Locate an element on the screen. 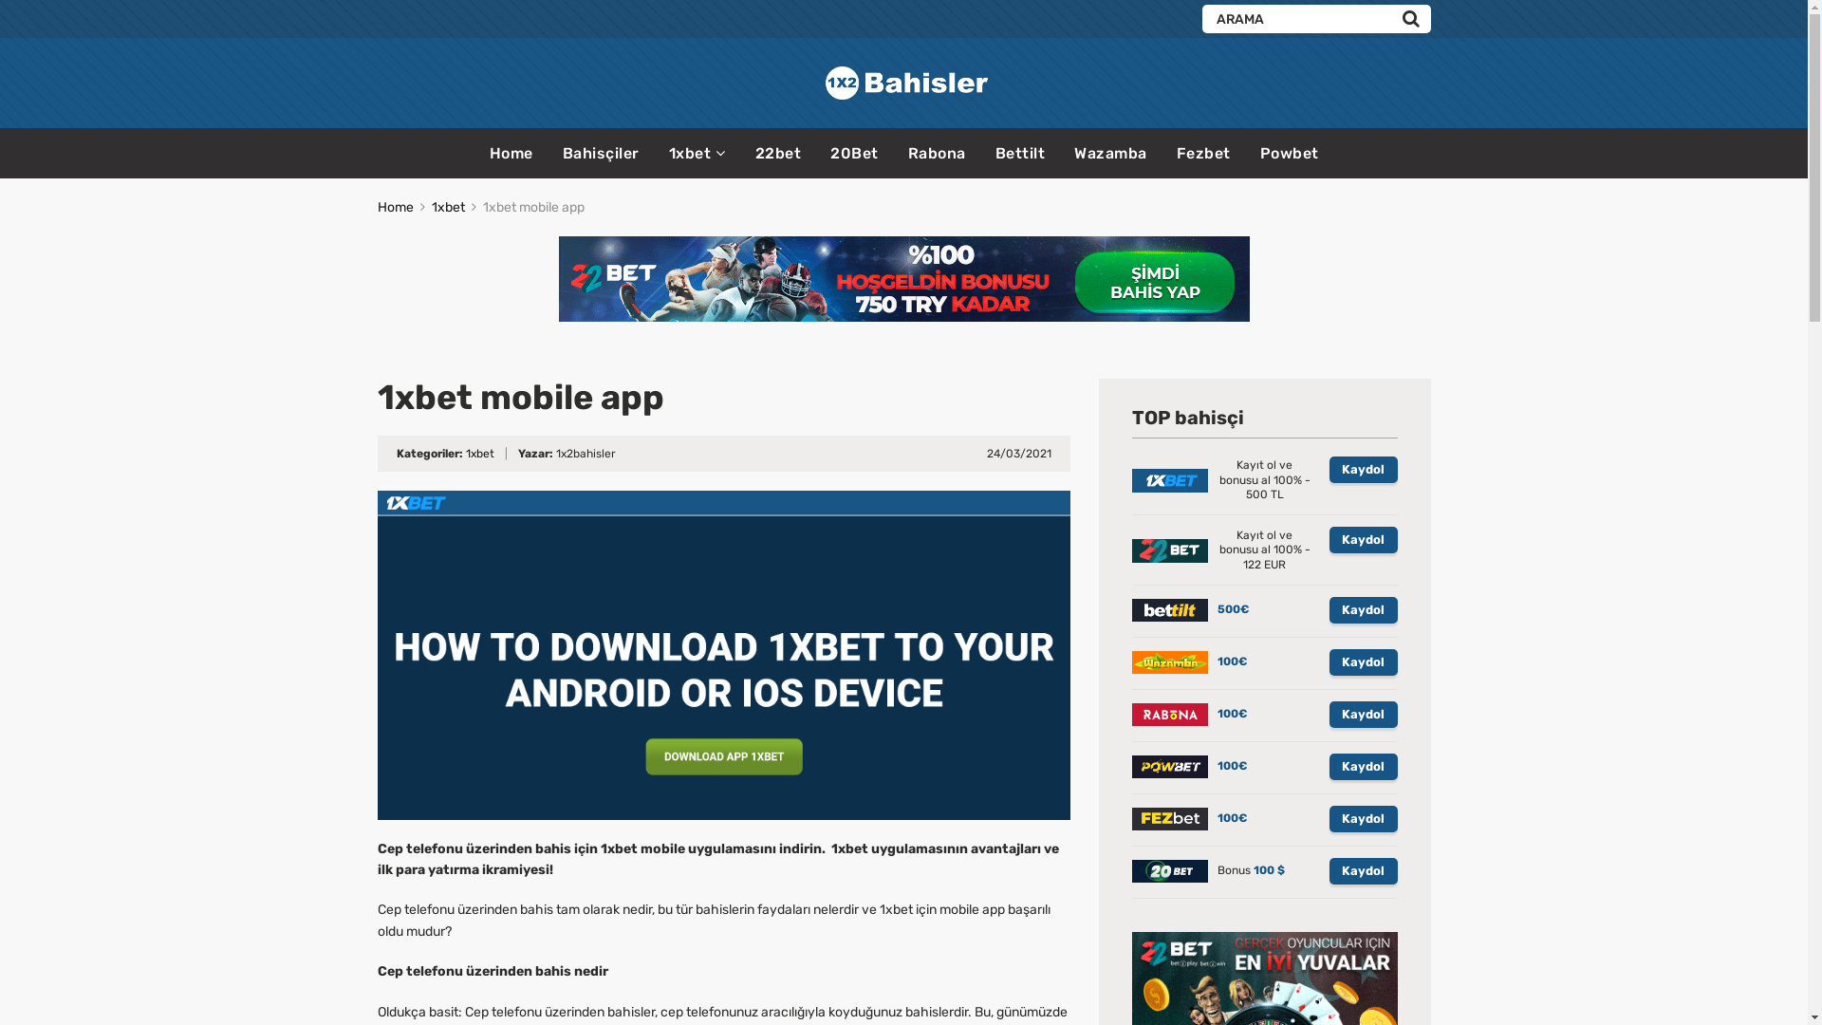 The image size is (1822, 1025). 'Kaydol' is located at coordinates (1361, 540).